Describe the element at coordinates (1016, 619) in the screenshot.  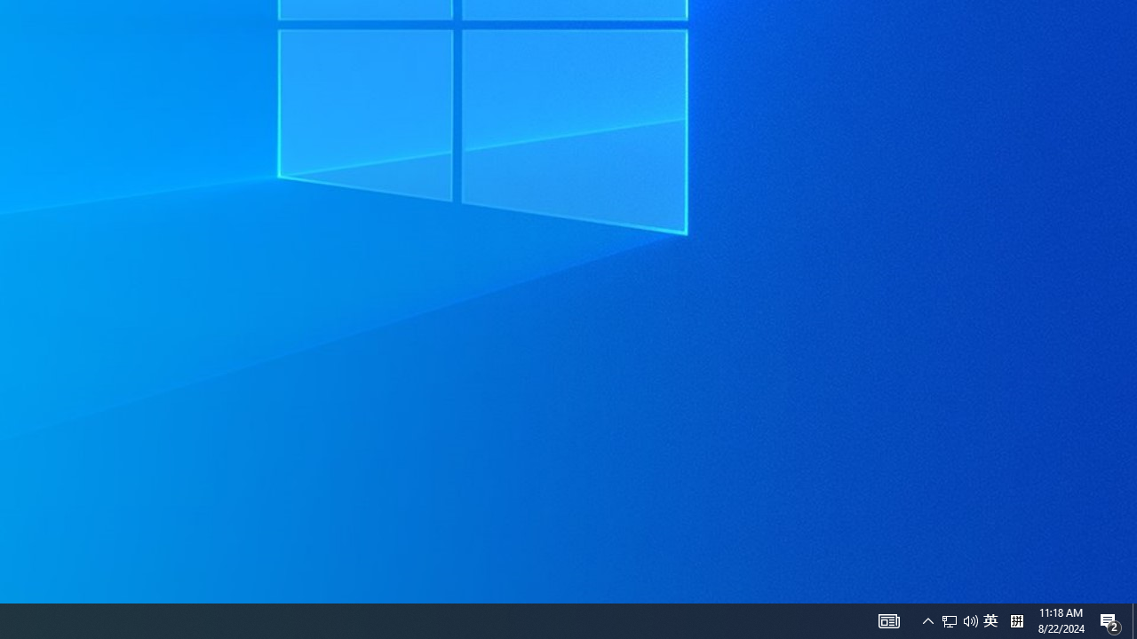
I see `'Tray Input Indicator - Chinese (Simplified, China)'` at that location.